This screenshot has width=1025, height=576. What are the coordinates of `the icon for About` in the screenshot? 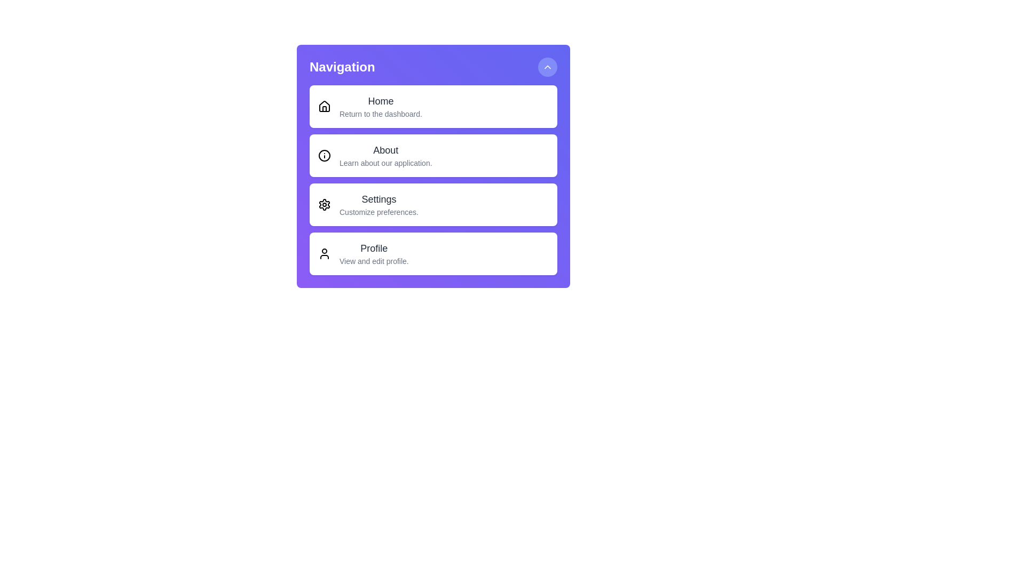 It's located at (324, 156).